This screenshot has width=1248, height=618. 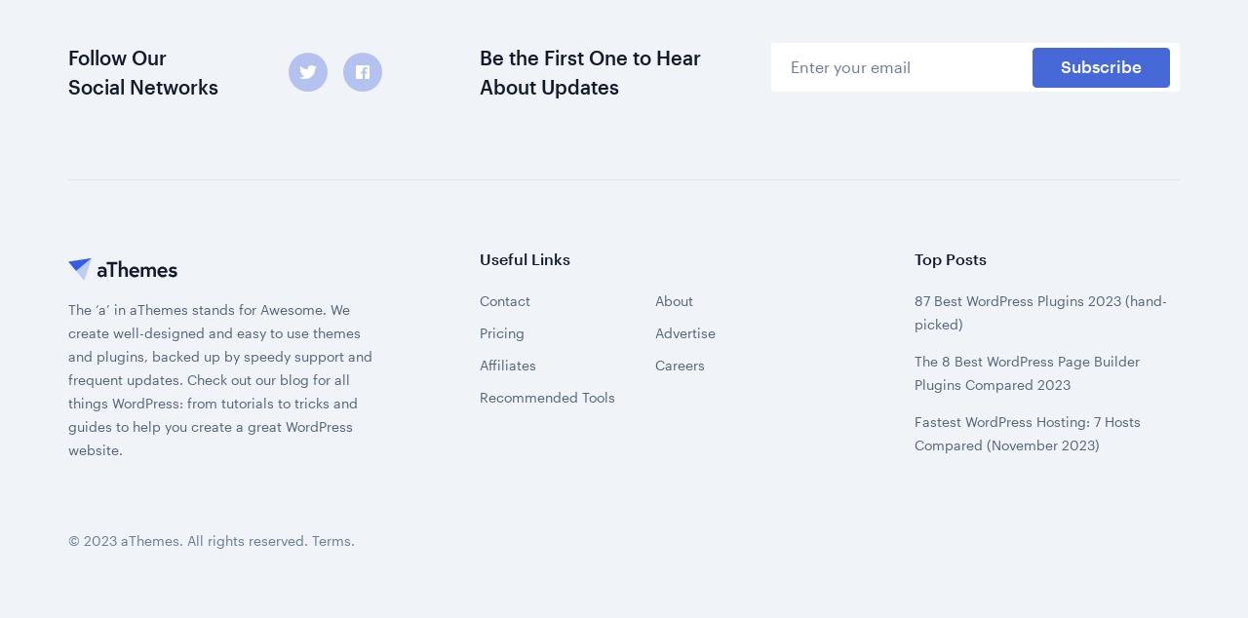 I want to click on 'Careers', so click(x=653, y=119).